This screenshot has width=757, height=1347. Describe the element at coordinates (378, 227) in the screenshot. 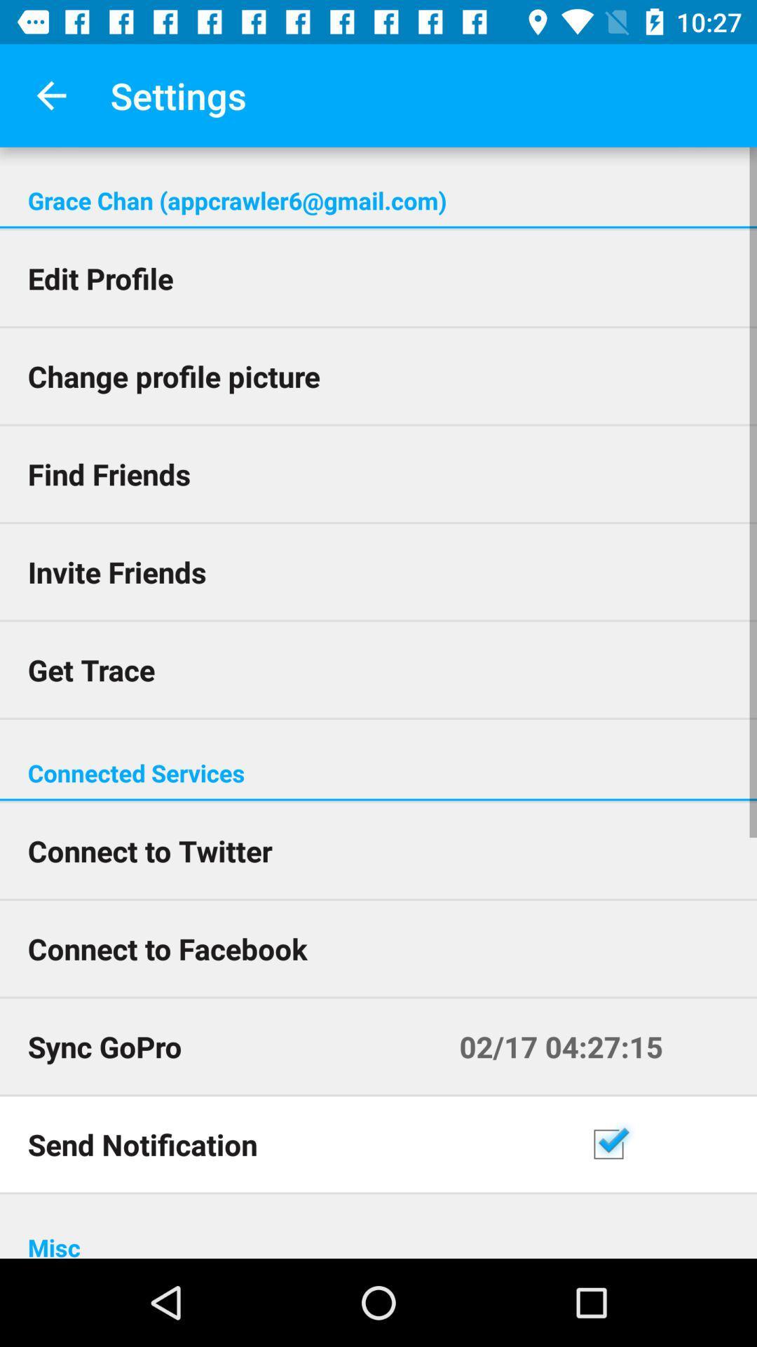

I see `item above edit profile` at that location.